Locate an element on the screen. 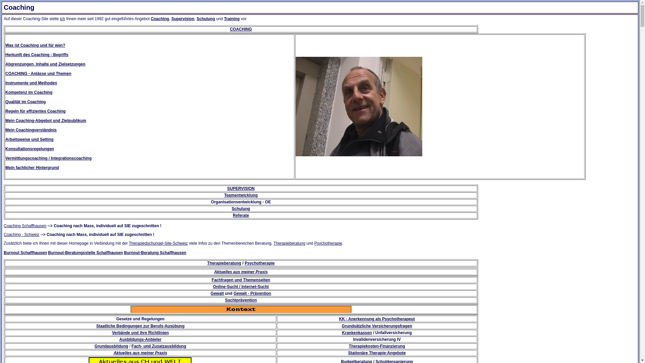 The height and width of the screenshot is (363, 645). 'Fachfragen und Themenseiten' is located at coordinates (241, 280).